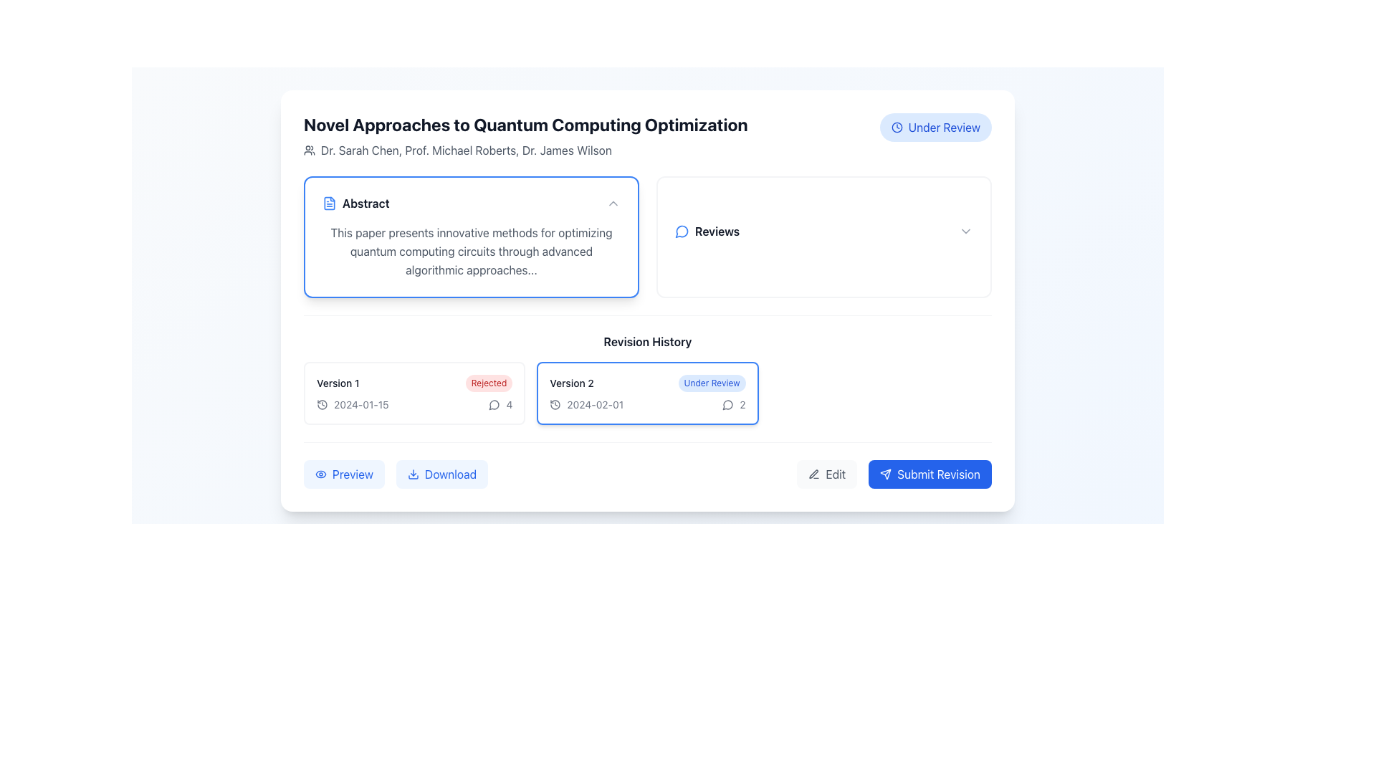  I want to click on the 'Download' text label within the download button located at the bottom-left corner of the 'Version 2' section under the 'Revision History' header, so click(449, 474).